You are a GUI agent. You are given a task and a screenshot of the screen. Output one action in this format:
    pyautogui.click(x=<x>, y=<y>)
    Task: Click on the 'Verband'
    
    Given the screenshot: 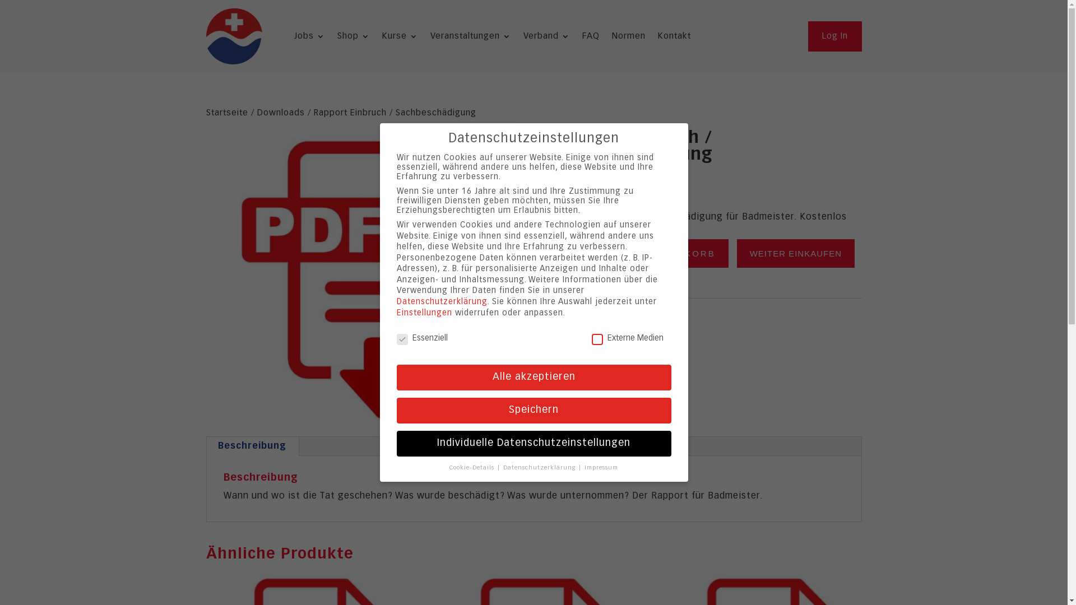 What is the action you would take?
    pyautogui.click(x=523, y=38)
    